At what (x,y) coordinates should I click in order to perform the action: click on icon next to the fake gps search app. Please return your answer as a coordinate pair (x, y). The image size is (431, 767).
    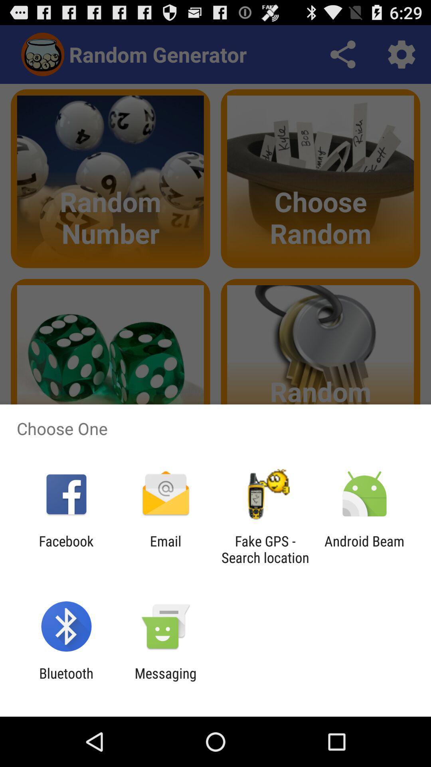
    Looking at the image, I should click on (165, 549).